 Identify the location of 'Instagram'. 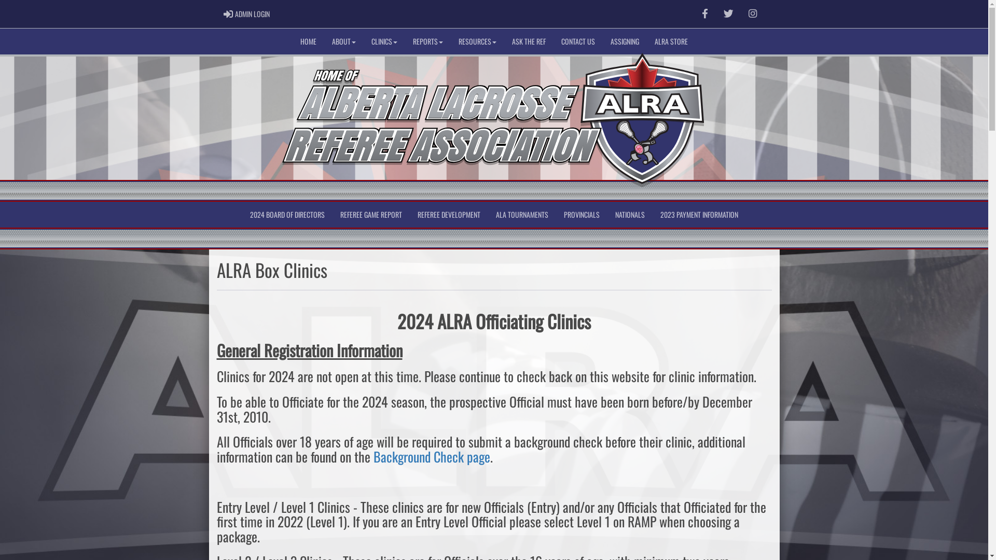
(752, 14).